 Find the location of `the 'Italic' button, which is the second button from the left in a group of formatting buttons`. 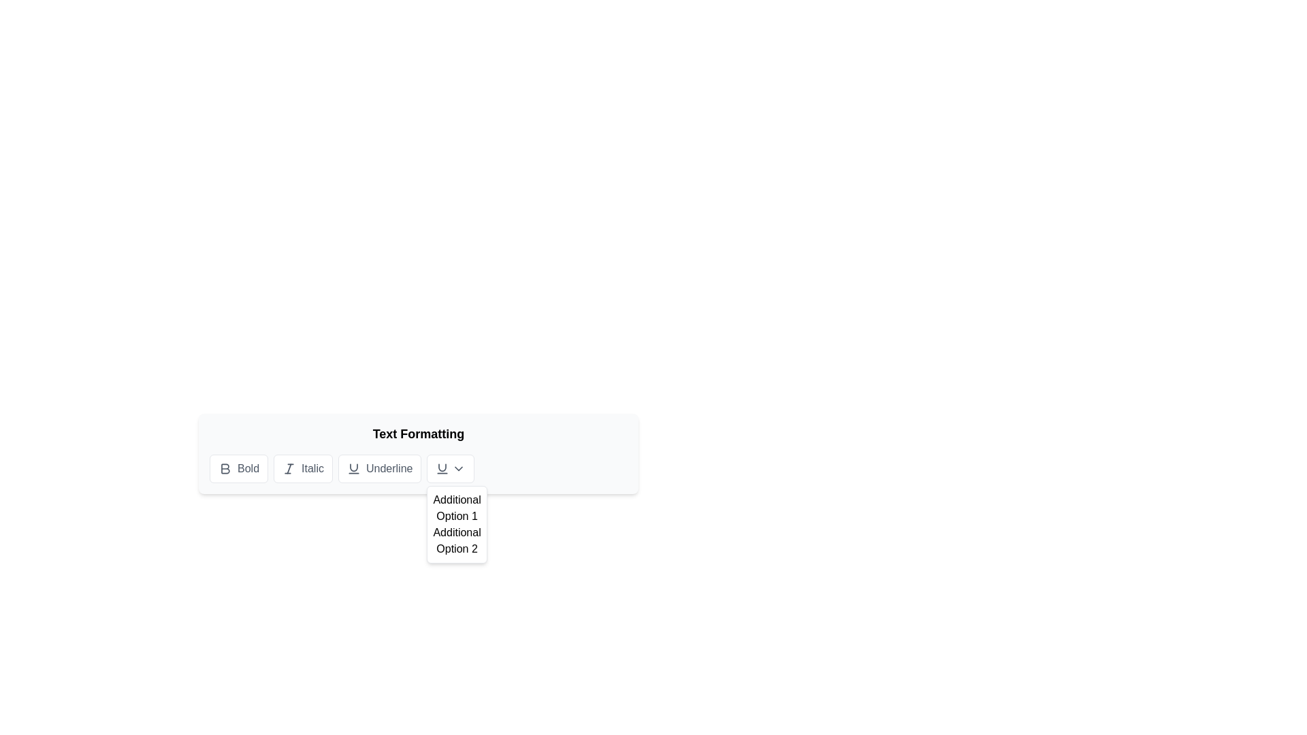

the 'Italic' button, which is the second button from the left in a group of formatting buttons is located at coordinates (302, 468).